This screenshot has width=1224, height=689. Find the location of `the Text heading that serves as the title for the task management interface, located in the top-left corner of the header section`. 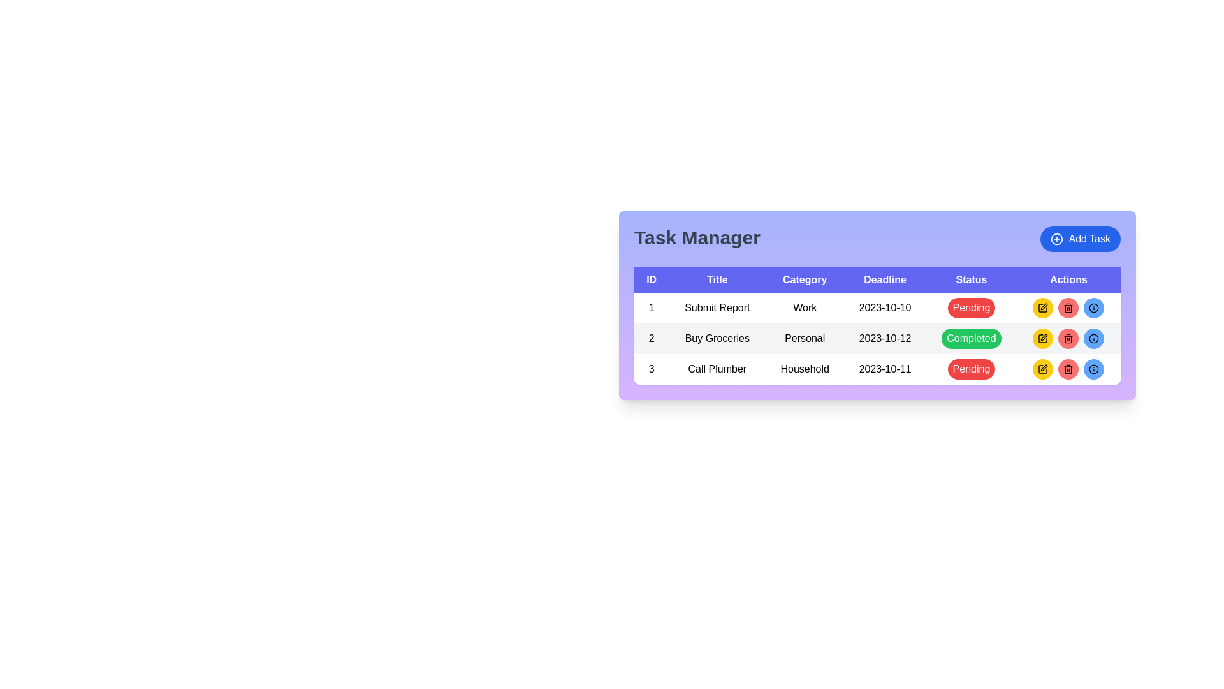

the Text heading that serves as the title for the task management interface, located in the top-left corner of the header section is located at coordinates (697, 239).